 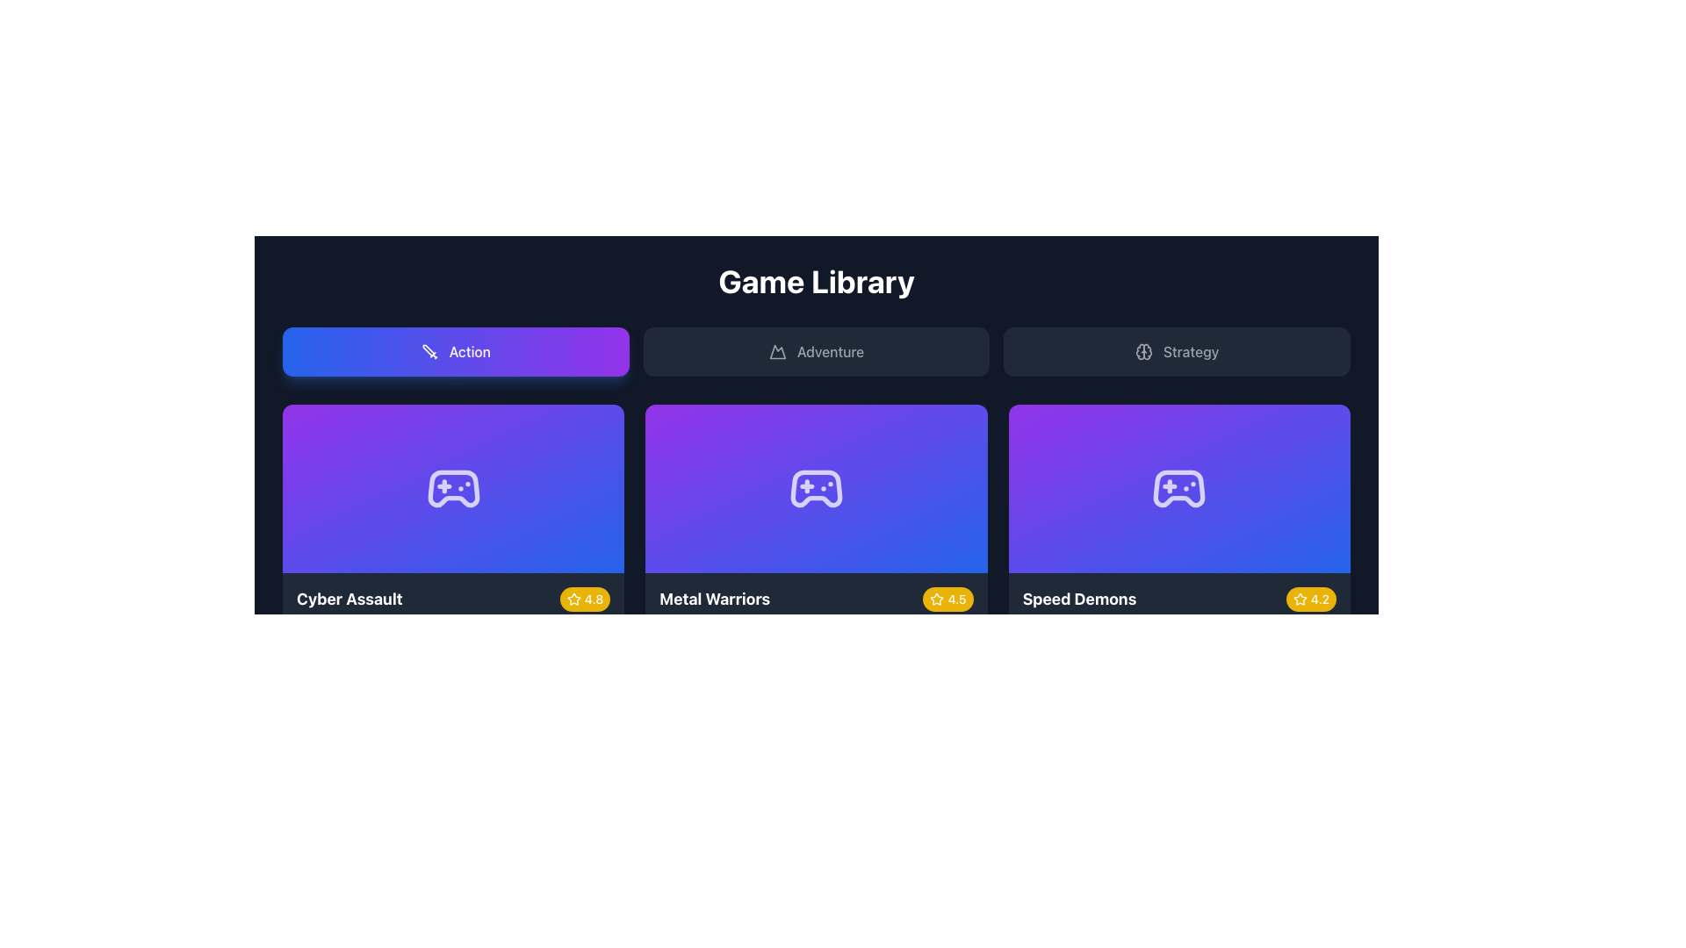 I want to click on the Rating badge with a yellow background and a white star icon, located at the bottom-right section of the 'Metal Warriors' card in the game grid, so click(x=947, y=598).